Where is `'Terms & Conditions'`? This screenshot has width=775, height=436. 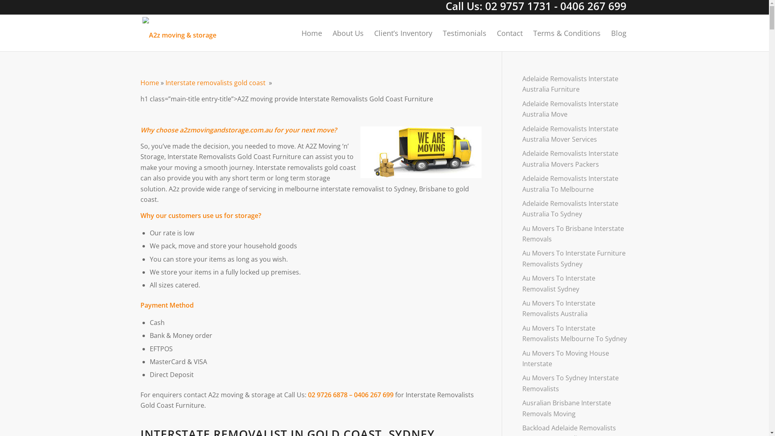 'Terms & Conditions' is located at coordinates (566, 32).